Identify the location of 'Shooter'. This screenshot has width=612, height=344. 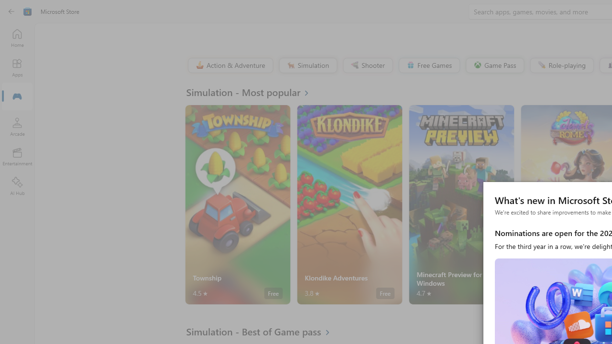
(367, 64).